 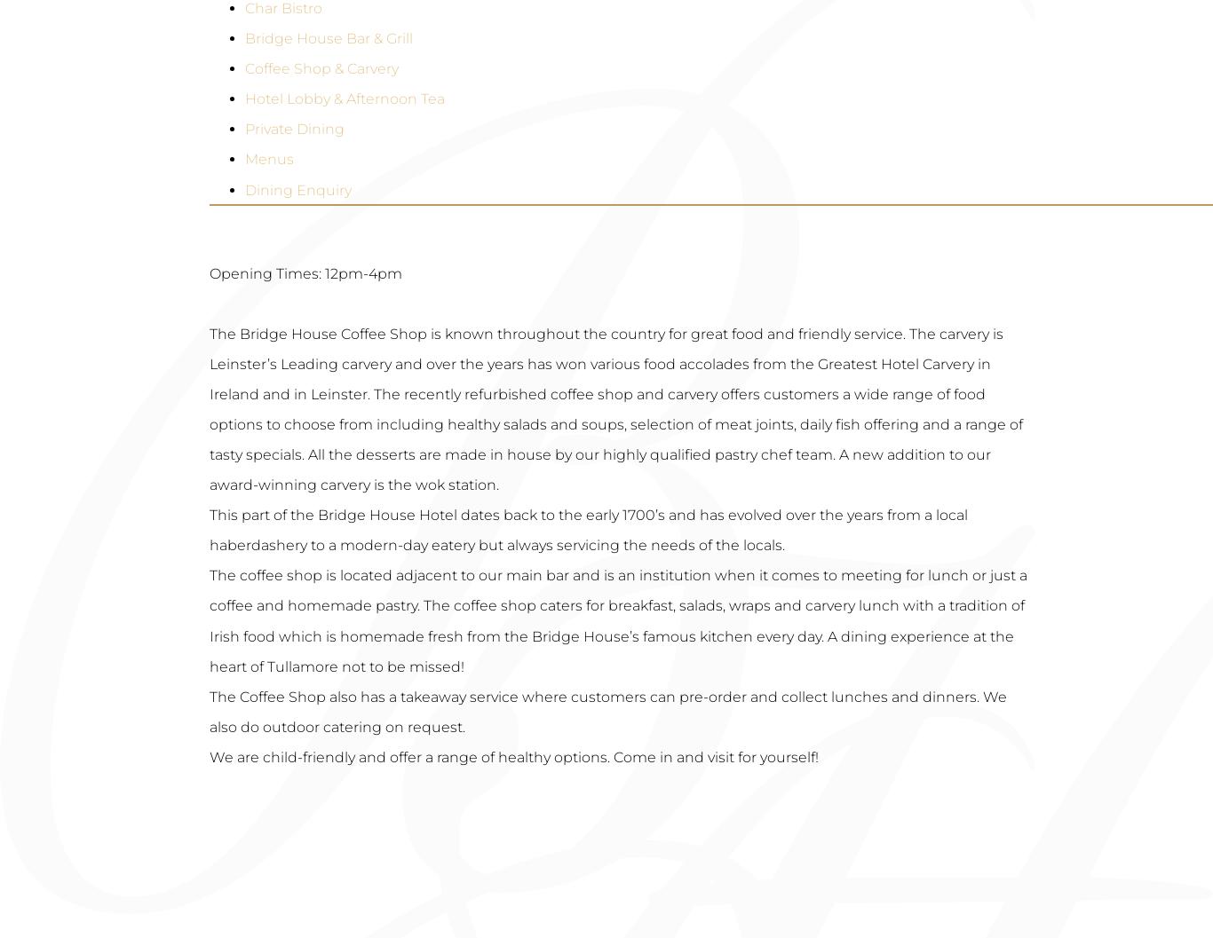 I want to click on 'The Coffee Shop also has a takeaway service where customers can pre-order and collect lunches and dinners. We also do outdoor catering on request.', so click(x=606, y=711).